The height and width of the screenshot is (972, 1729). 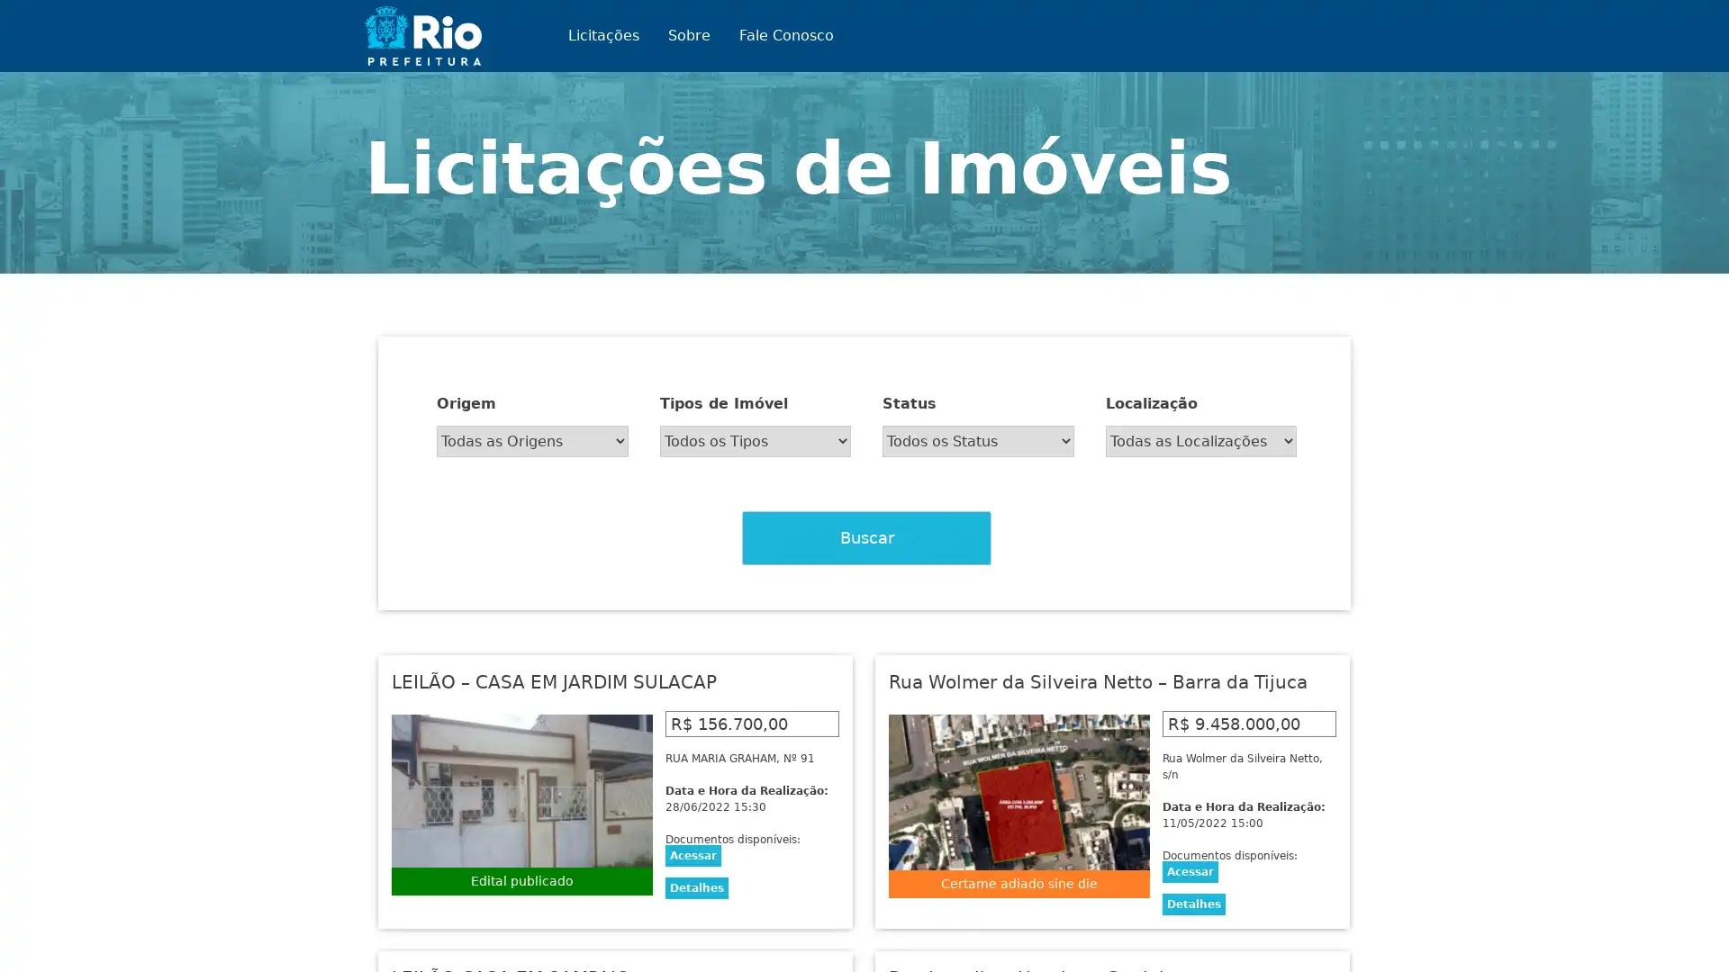 I want to click on Buscar, so click(x=865, y=536).